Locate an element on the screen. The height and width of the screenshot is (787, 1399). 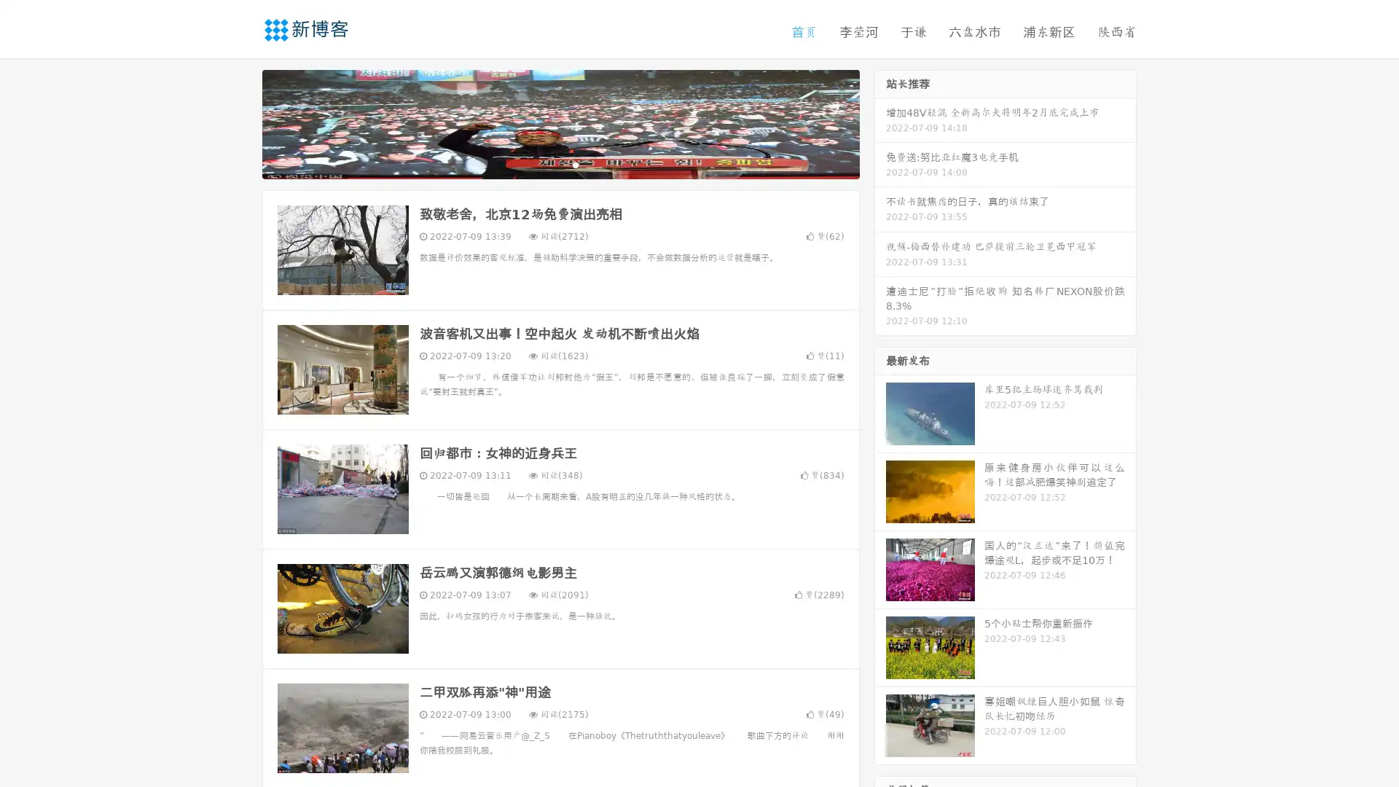
Go to slide 2 is located at coordinates (560, 164).